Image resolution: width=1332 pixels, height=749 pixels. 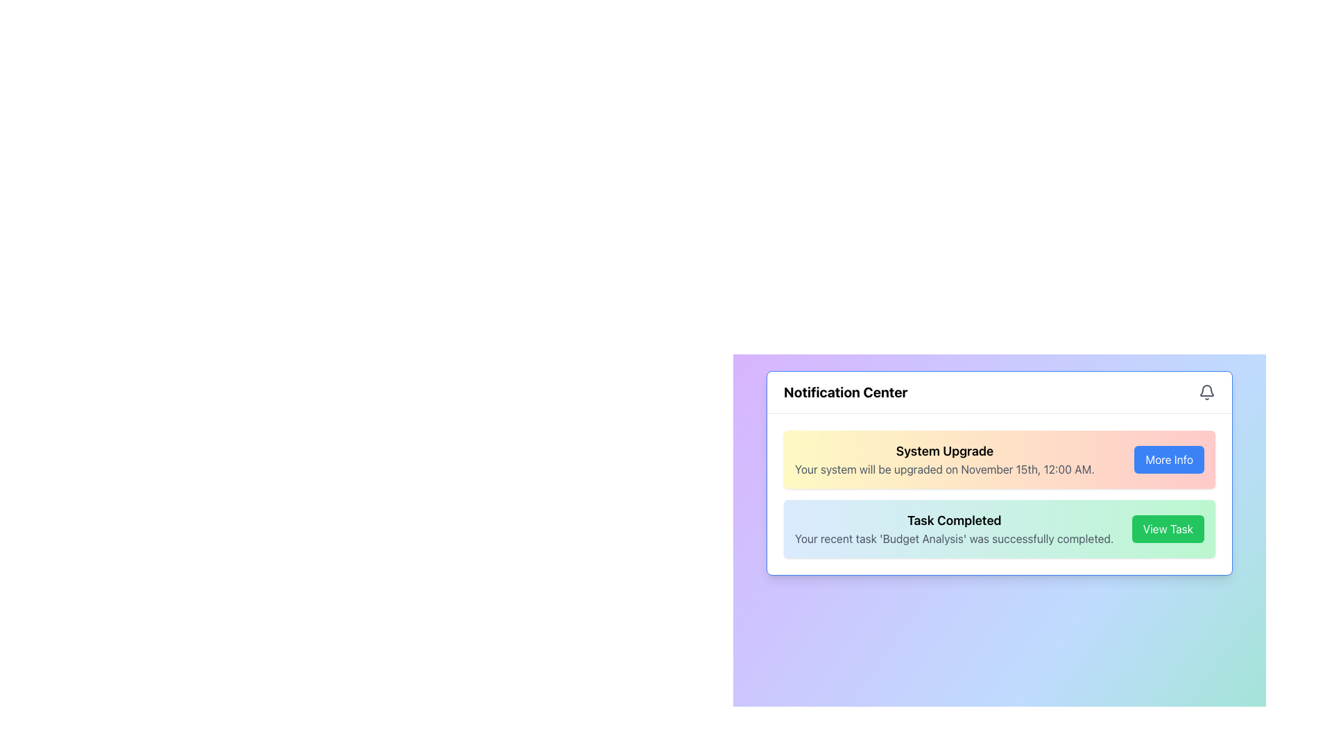 I want to click on the gray bell icon located in the top-right corner of the notification display area, so click(x=1206, y=390).